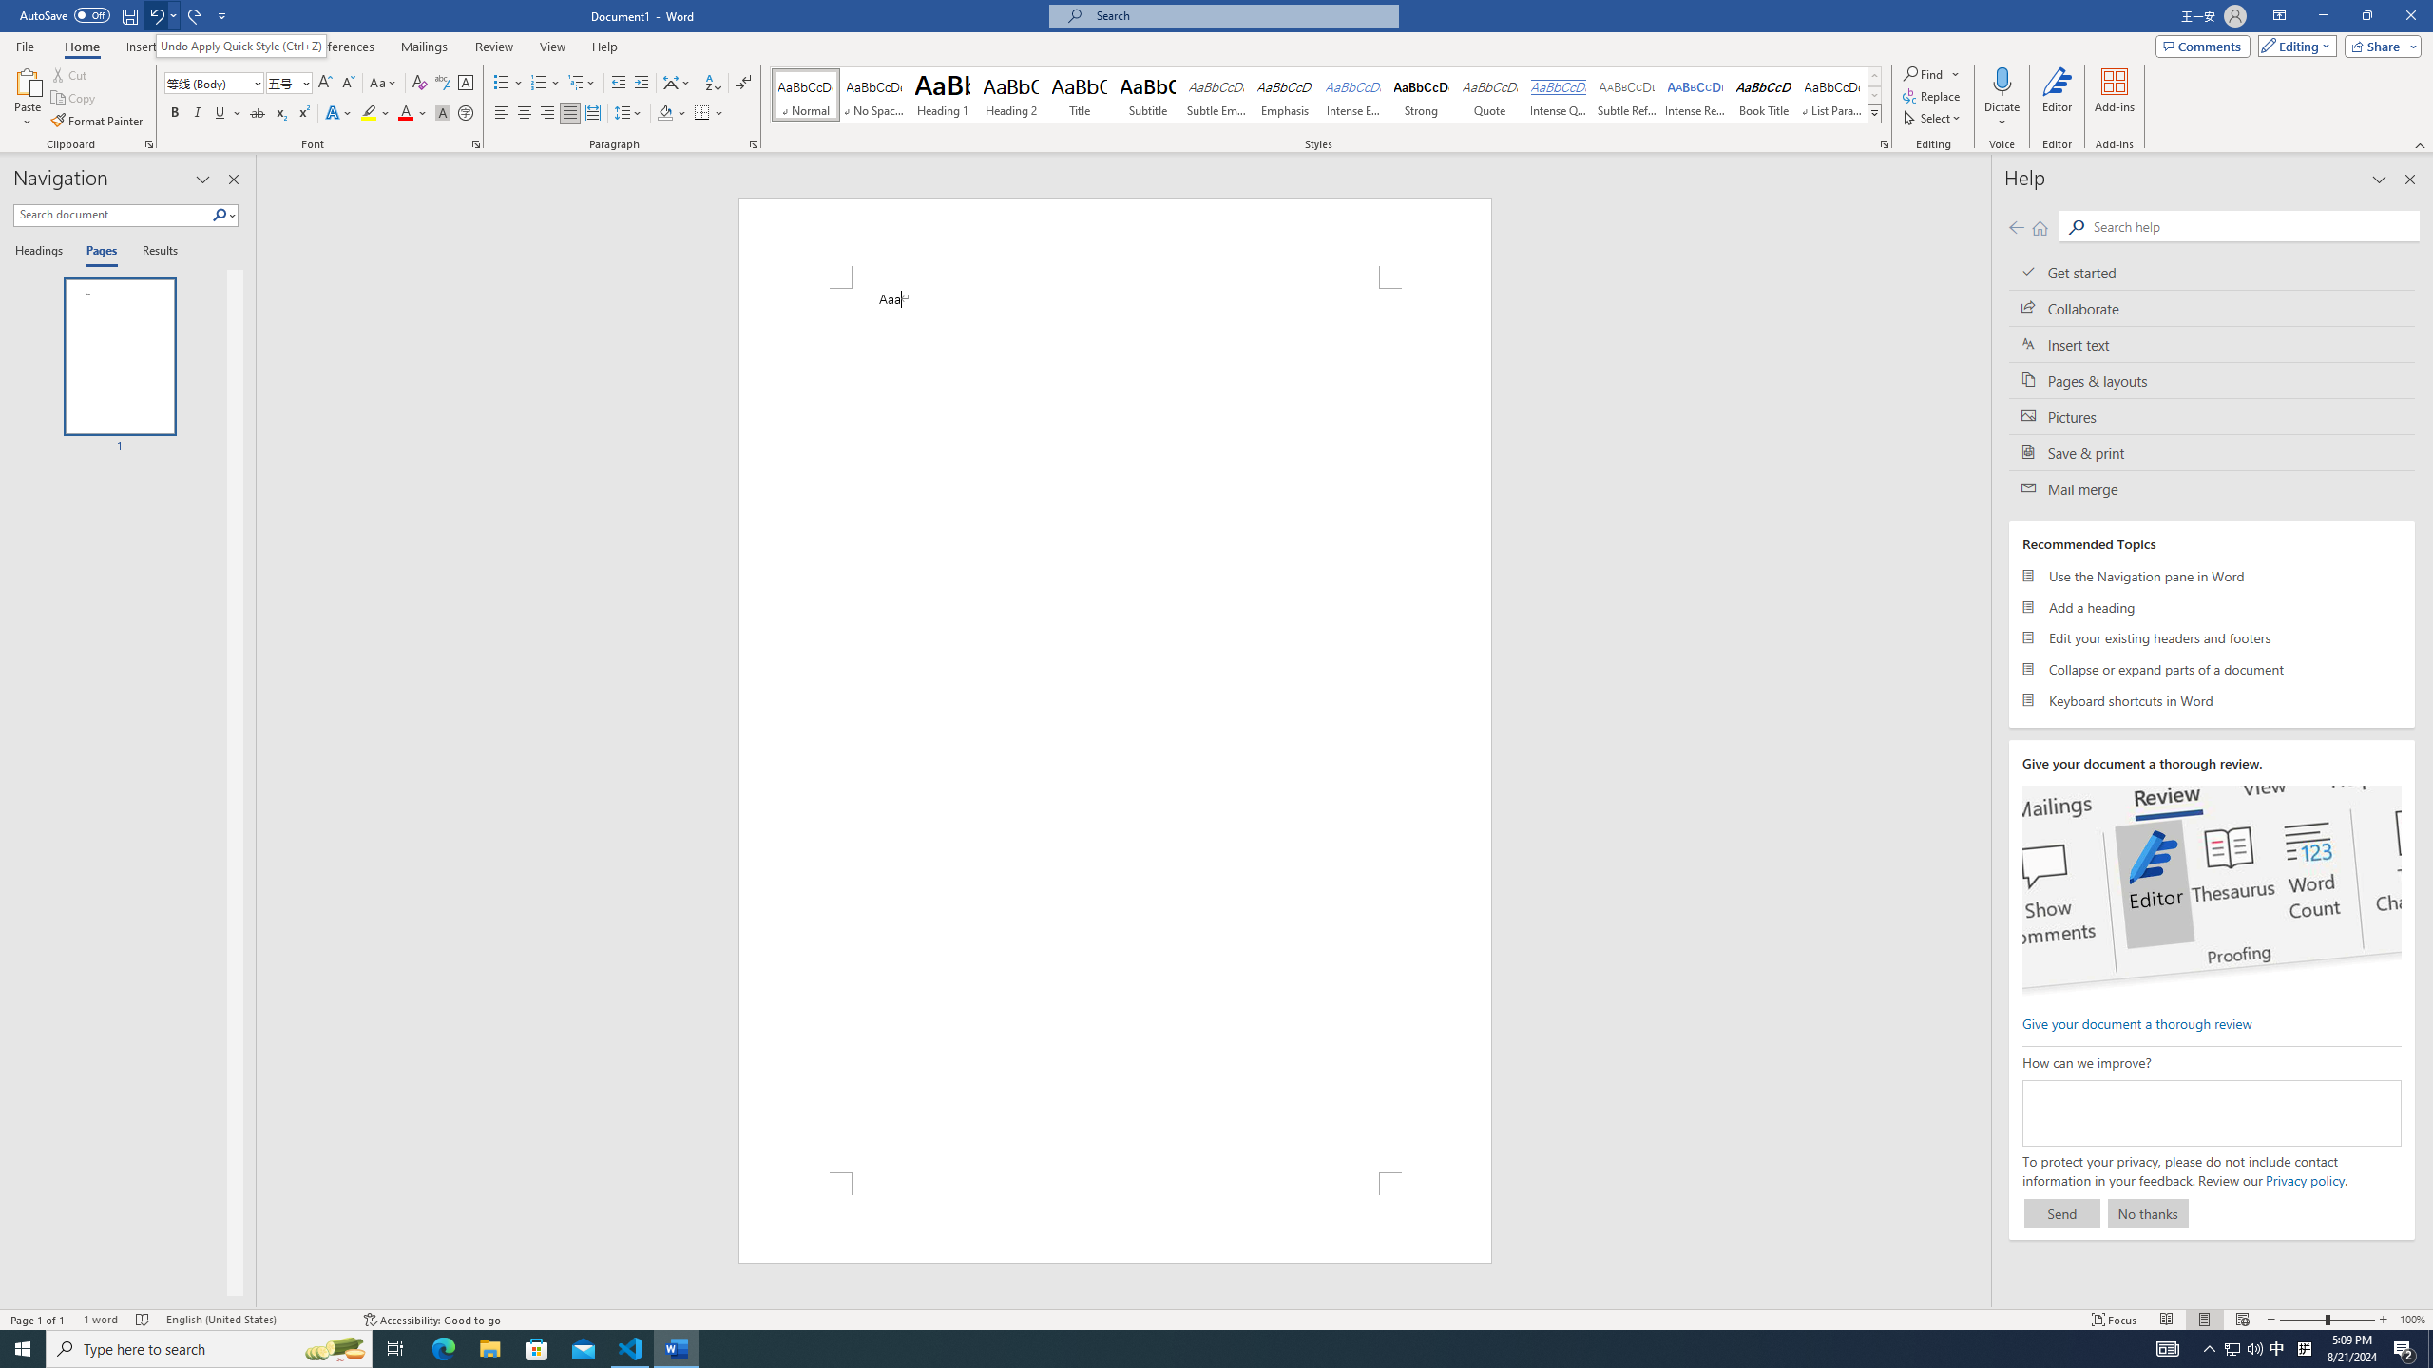 The width and height of the screenshot is (2433, 1368). Describe the element at coordinates (465, 83) in the screenshot. I see `'Character Border'` at that location.